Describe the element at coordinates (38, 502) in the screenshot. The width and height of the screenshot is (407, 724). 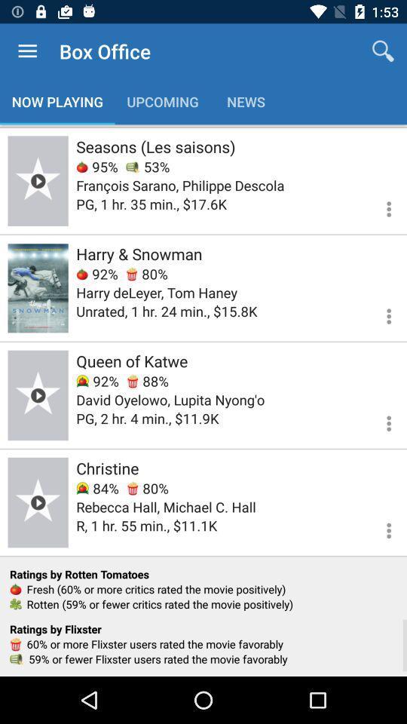
I see `trailer` at that location.